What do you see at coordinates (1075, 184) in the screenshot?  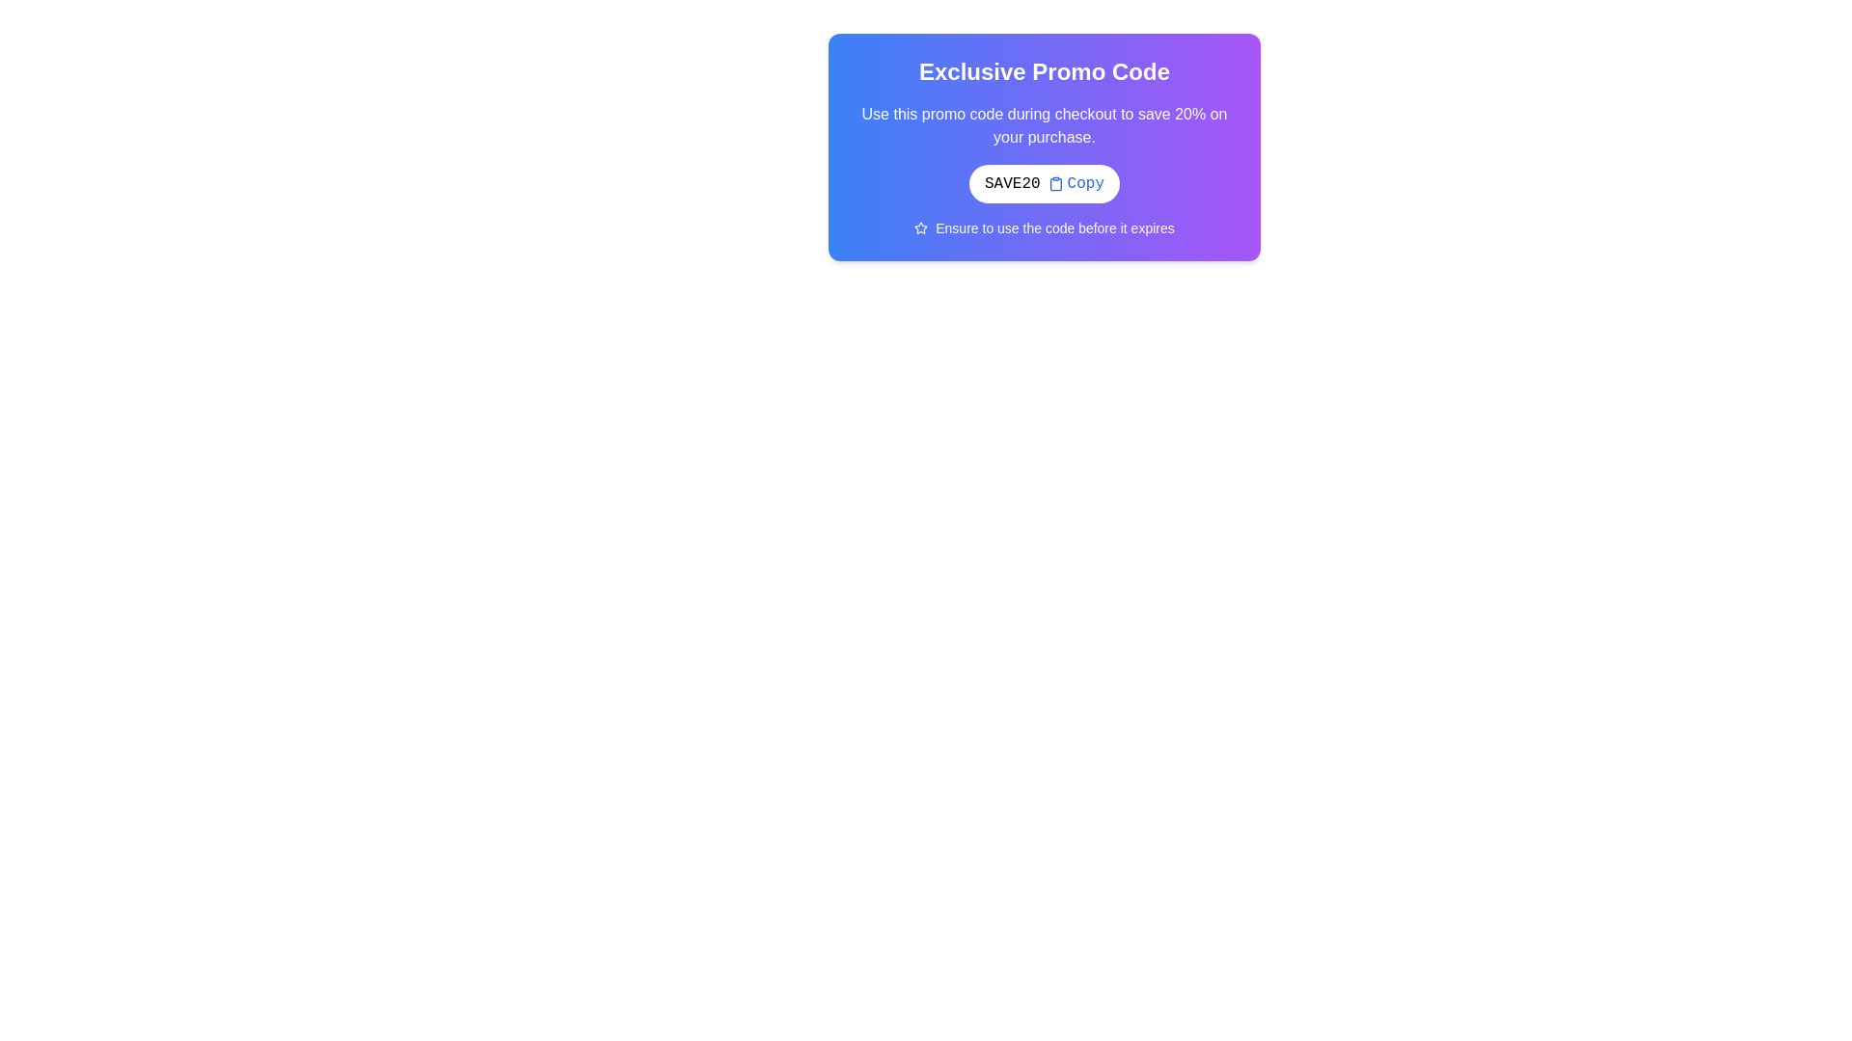 I see `the button that enables users to copy the promo code 'SAVE20' to the clipboard` at bounding box center [1075, 184].